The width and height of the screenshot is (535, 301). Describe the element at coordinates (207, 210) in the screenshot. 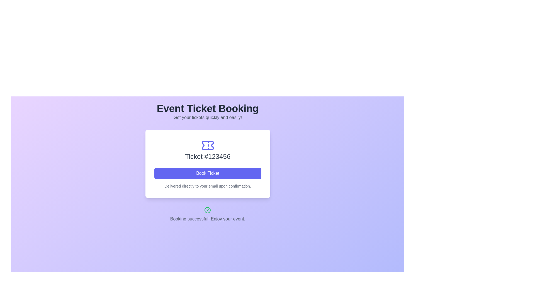

I see `the circular icon with a green outline and a checkmark inside it, indicating successful completion, which is located above the text 'Booking successful! Enjoy your event.'` at that location.